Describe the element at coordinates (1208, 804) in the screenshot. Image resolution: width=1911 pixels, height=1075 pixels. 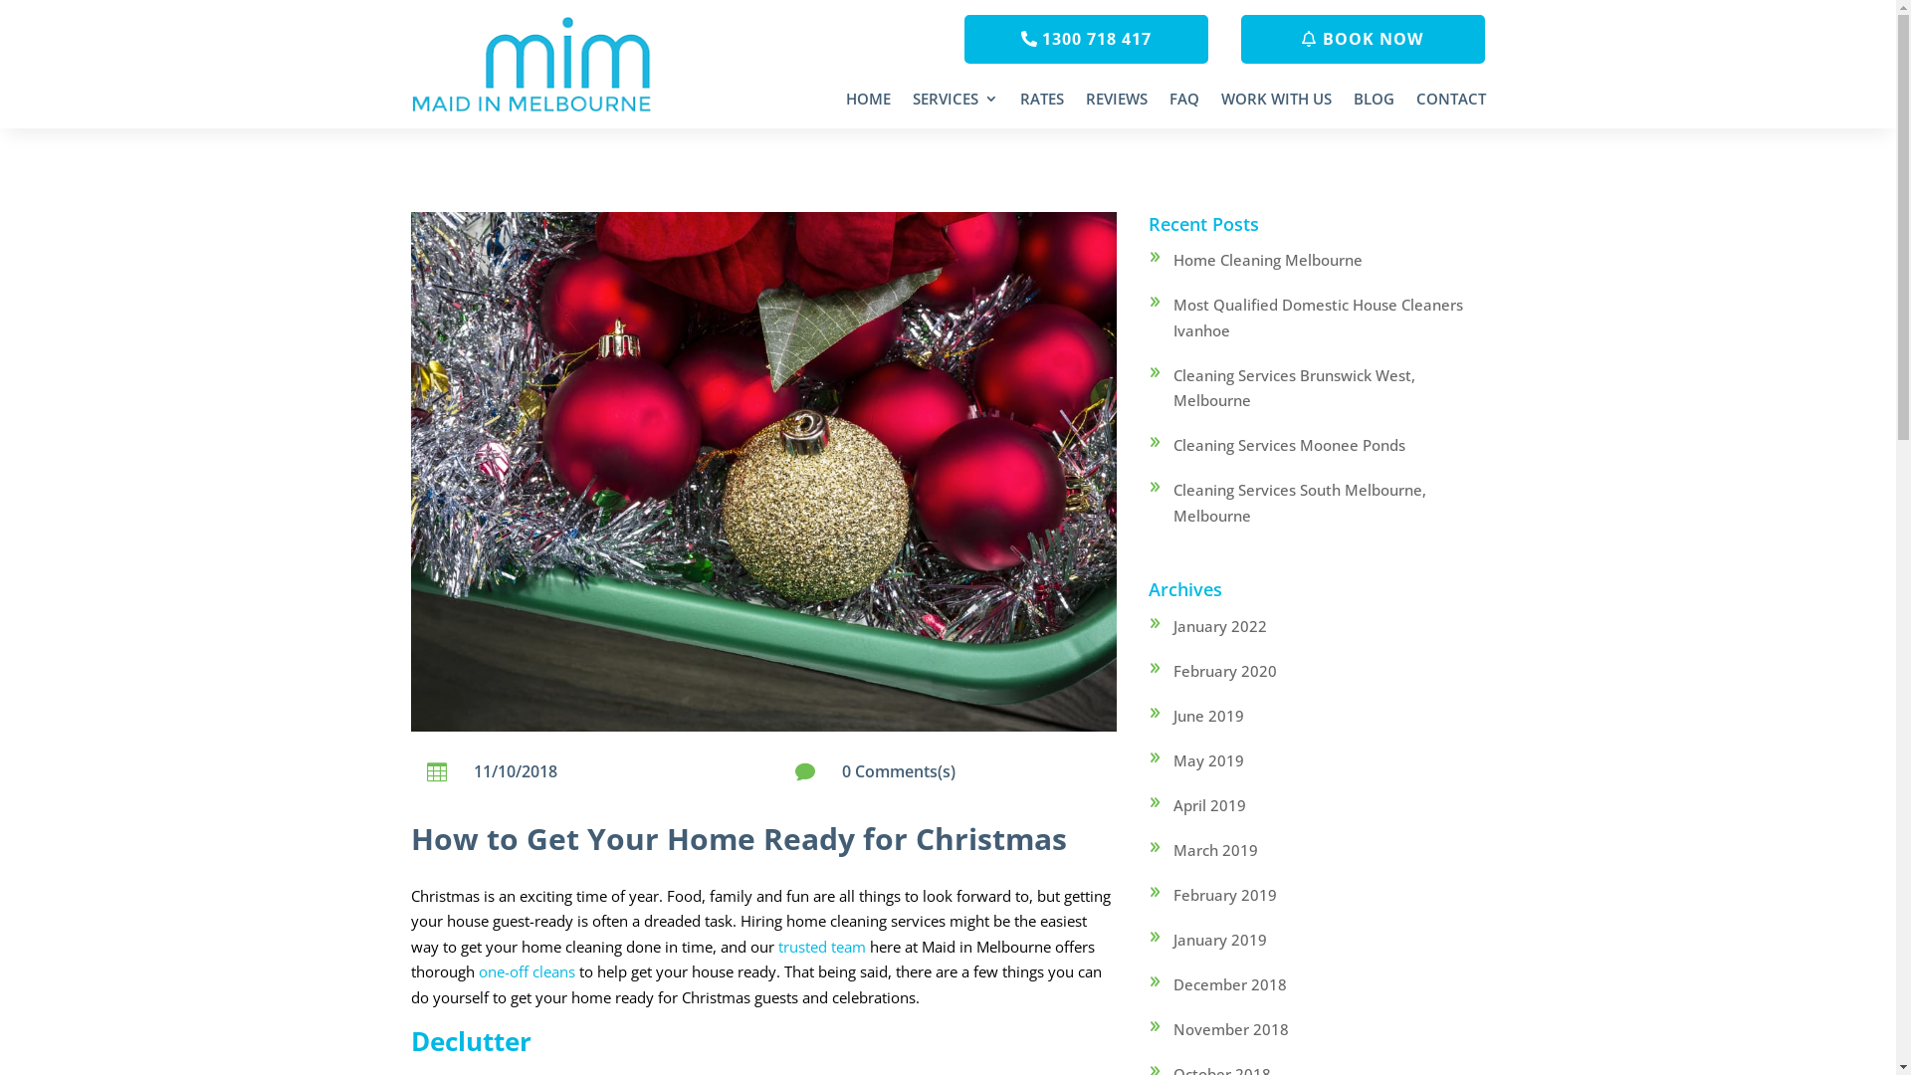
I see `'April 2019'` at that location.